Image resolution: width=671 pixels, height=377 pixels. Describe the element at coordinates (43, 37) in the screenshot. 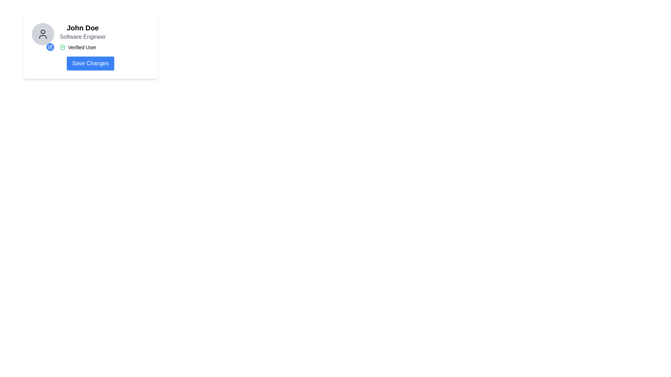

I see `the User Profile Avatar` at that location.